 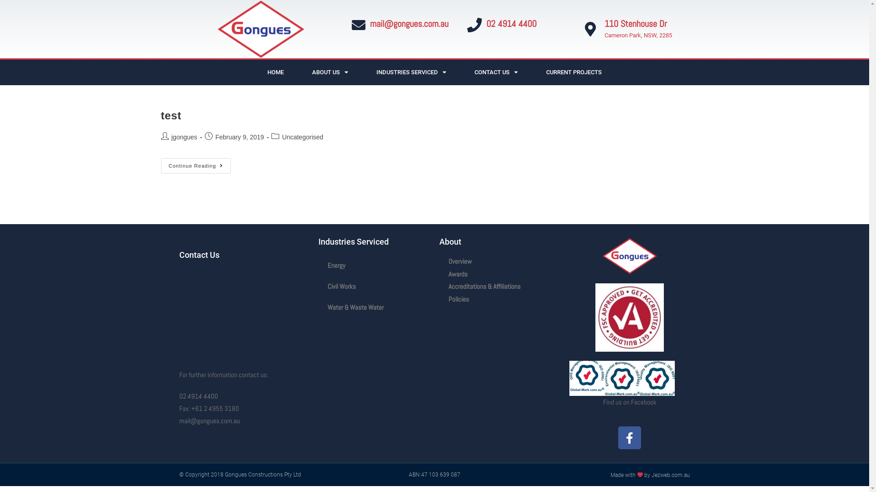 What do you see at coordinates (329, 72) in the screenshot?
I see `'ABOUT US'` at bounding box center [329, 72].